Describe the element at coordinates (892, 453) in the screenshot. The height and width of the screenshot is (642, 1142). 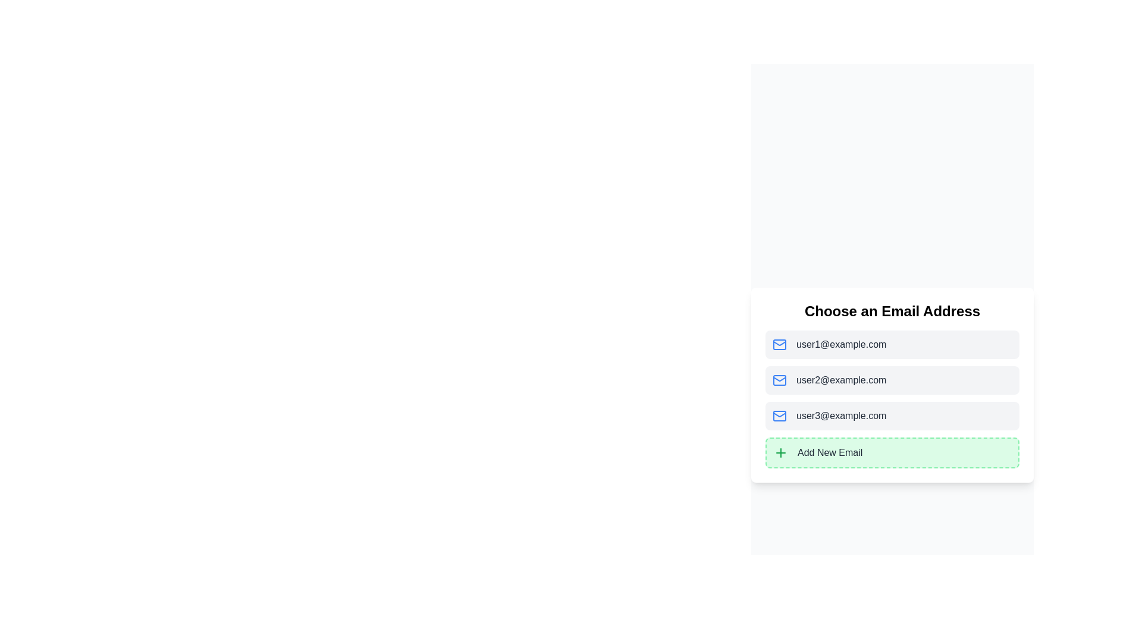
I see `'Add New Email' button to initiate adding a new email` at that location.